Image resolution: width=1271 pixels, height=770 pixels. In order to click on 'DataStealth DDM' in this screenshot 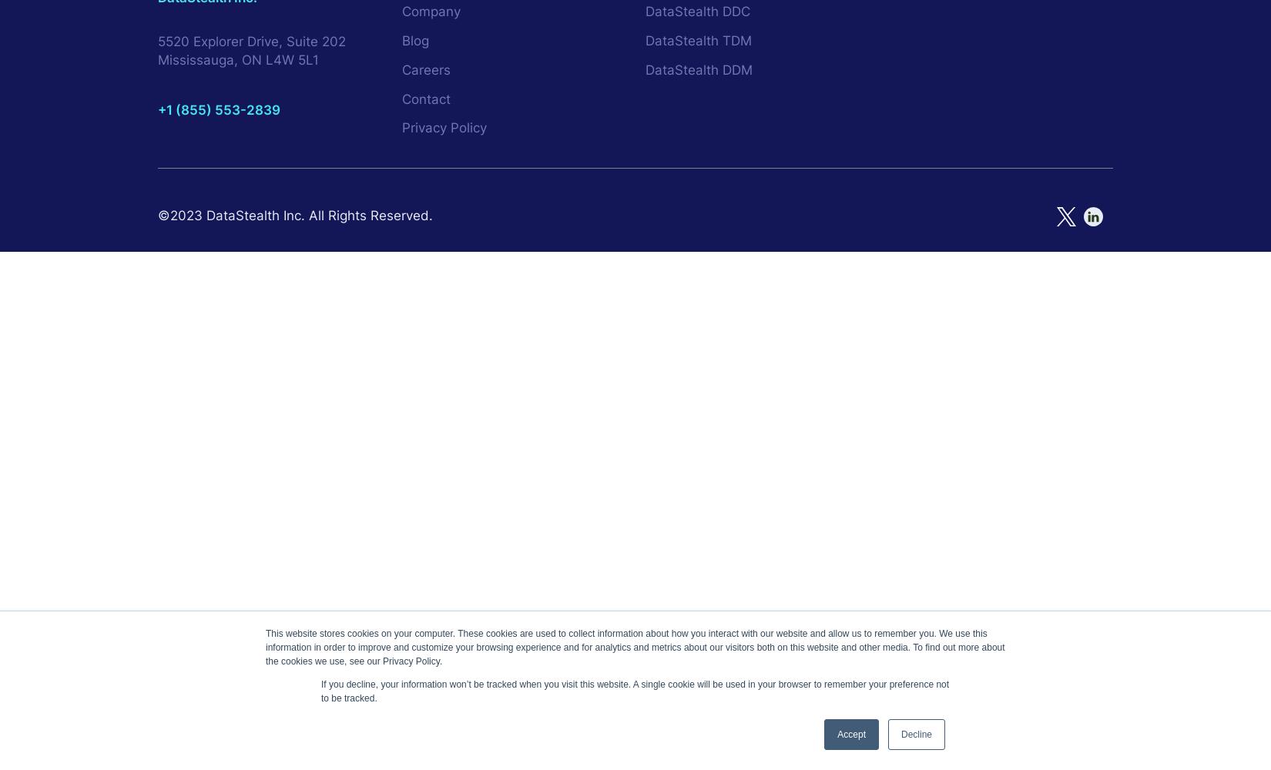, I will do `click(699, 69)`.